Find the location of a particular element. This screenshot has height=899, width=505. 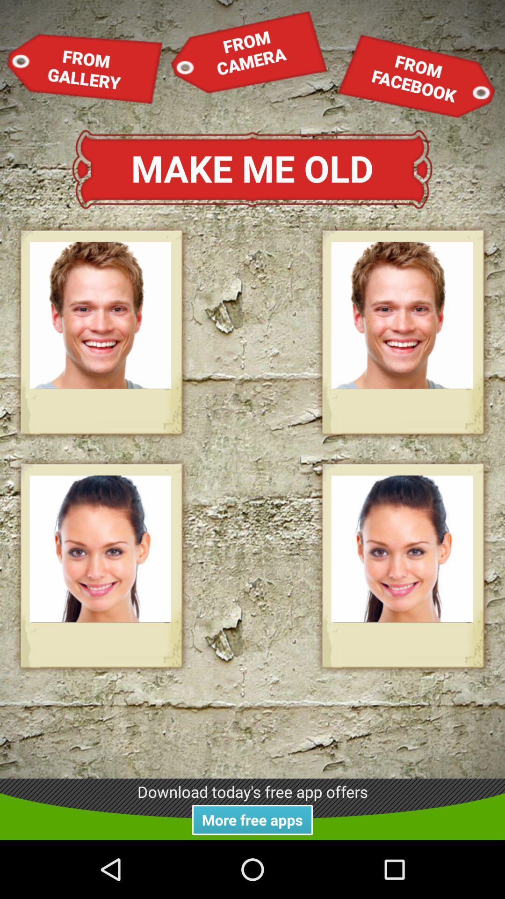

item above make me old is located at coordinates (85, 68).